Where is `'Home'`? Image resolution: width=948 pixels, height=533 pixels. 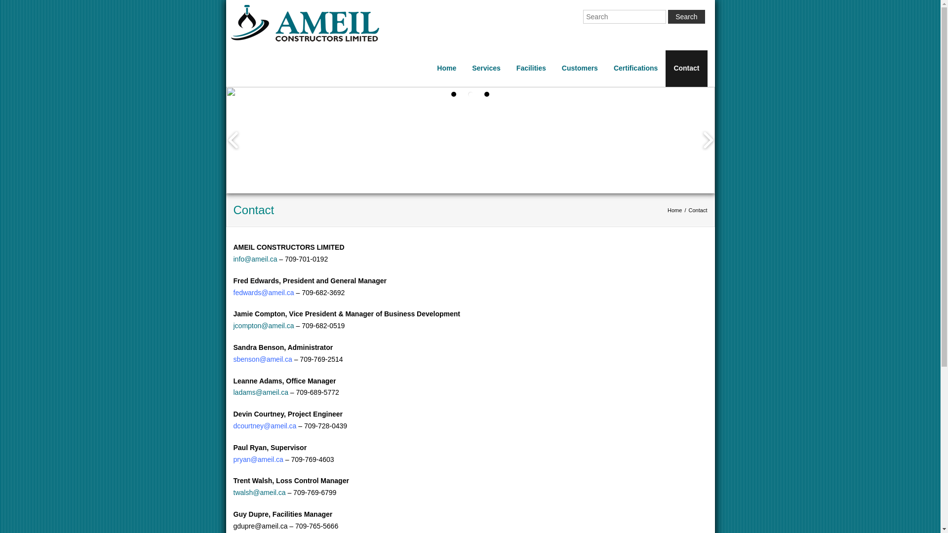
'Home' is located at coordinates (674, 209).